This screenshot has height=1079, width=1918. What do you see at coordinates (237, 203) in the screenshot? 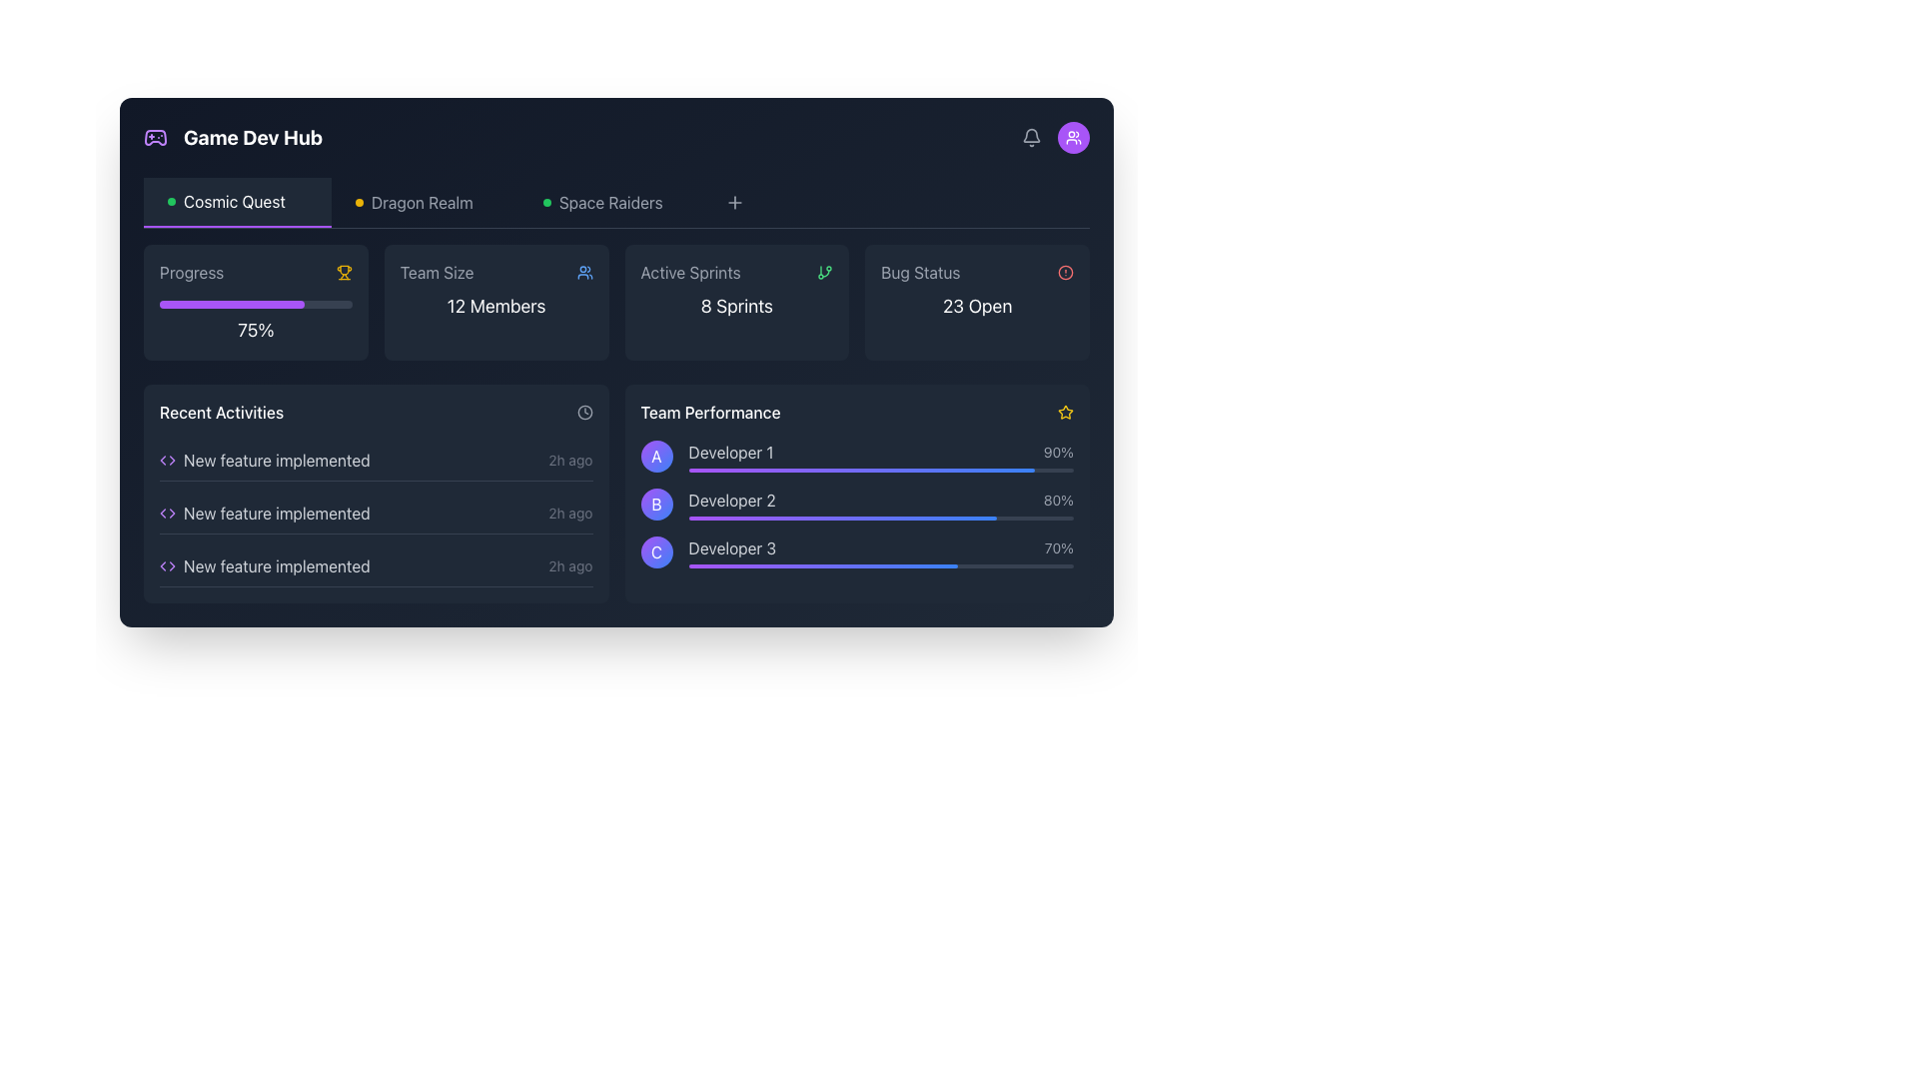
I see `the navigational menu item labeled 'Cosmic Quest'` at bounding box center [237, 203].